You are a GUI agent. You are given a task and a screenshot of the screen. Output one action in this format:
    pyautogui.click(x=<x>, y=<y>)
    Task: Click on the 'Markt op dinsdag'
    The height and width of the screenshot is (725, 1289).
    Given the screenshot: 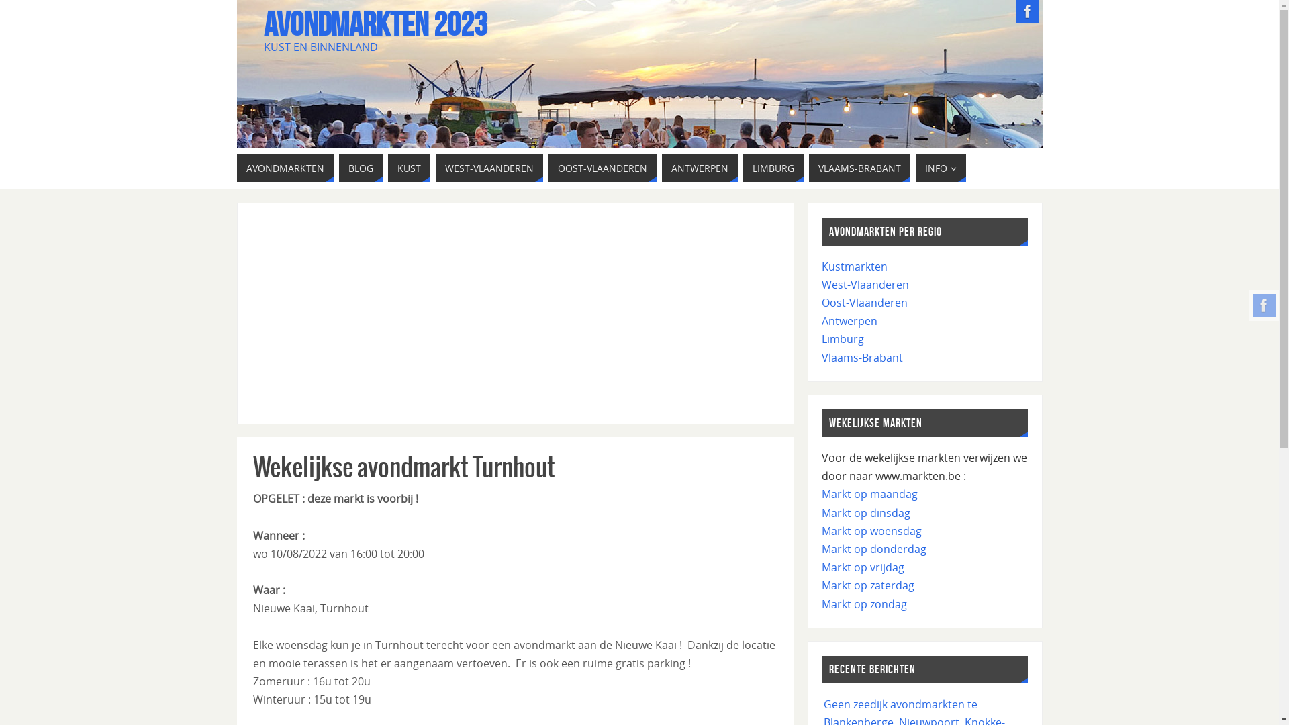 What is the action you would take?
    pyautogui.click(x=866, y=512)
    